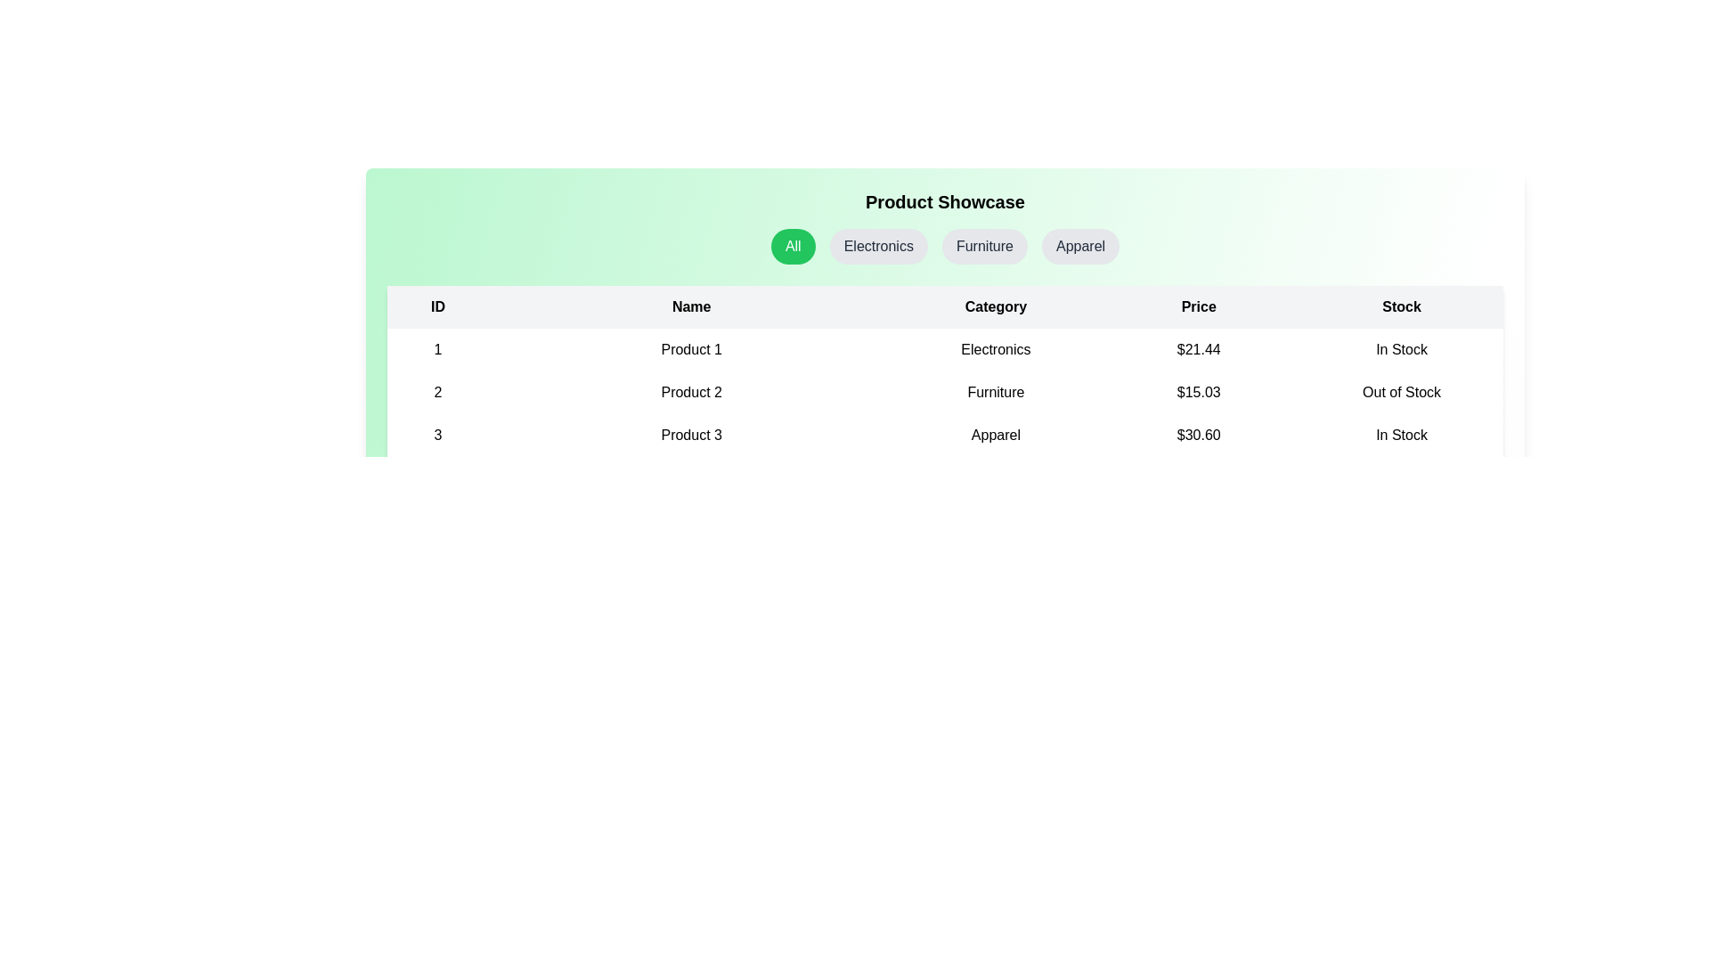 The image size is (1710, 962). I want to click on the category button labeled All to filter products, so click(792, 247).